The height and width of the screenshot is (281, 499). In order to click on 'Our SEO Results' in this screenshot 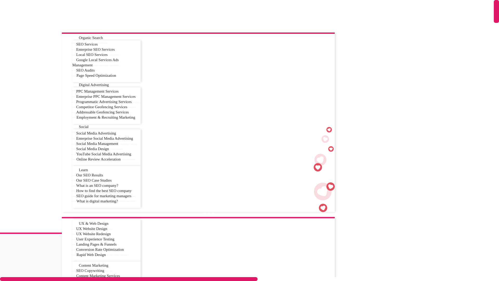, I will do `click(72, 175)`.